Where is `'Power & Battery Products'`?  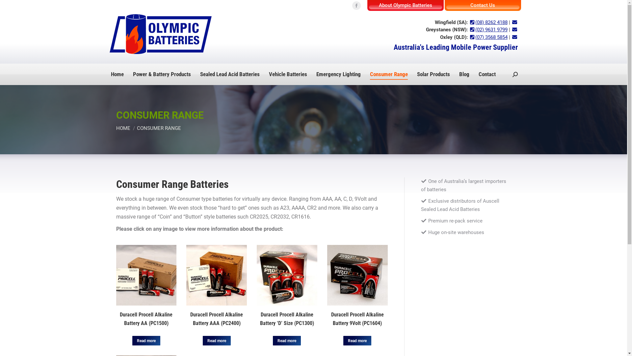 'Power & Battery Products' is located at coordinates (162, 74).